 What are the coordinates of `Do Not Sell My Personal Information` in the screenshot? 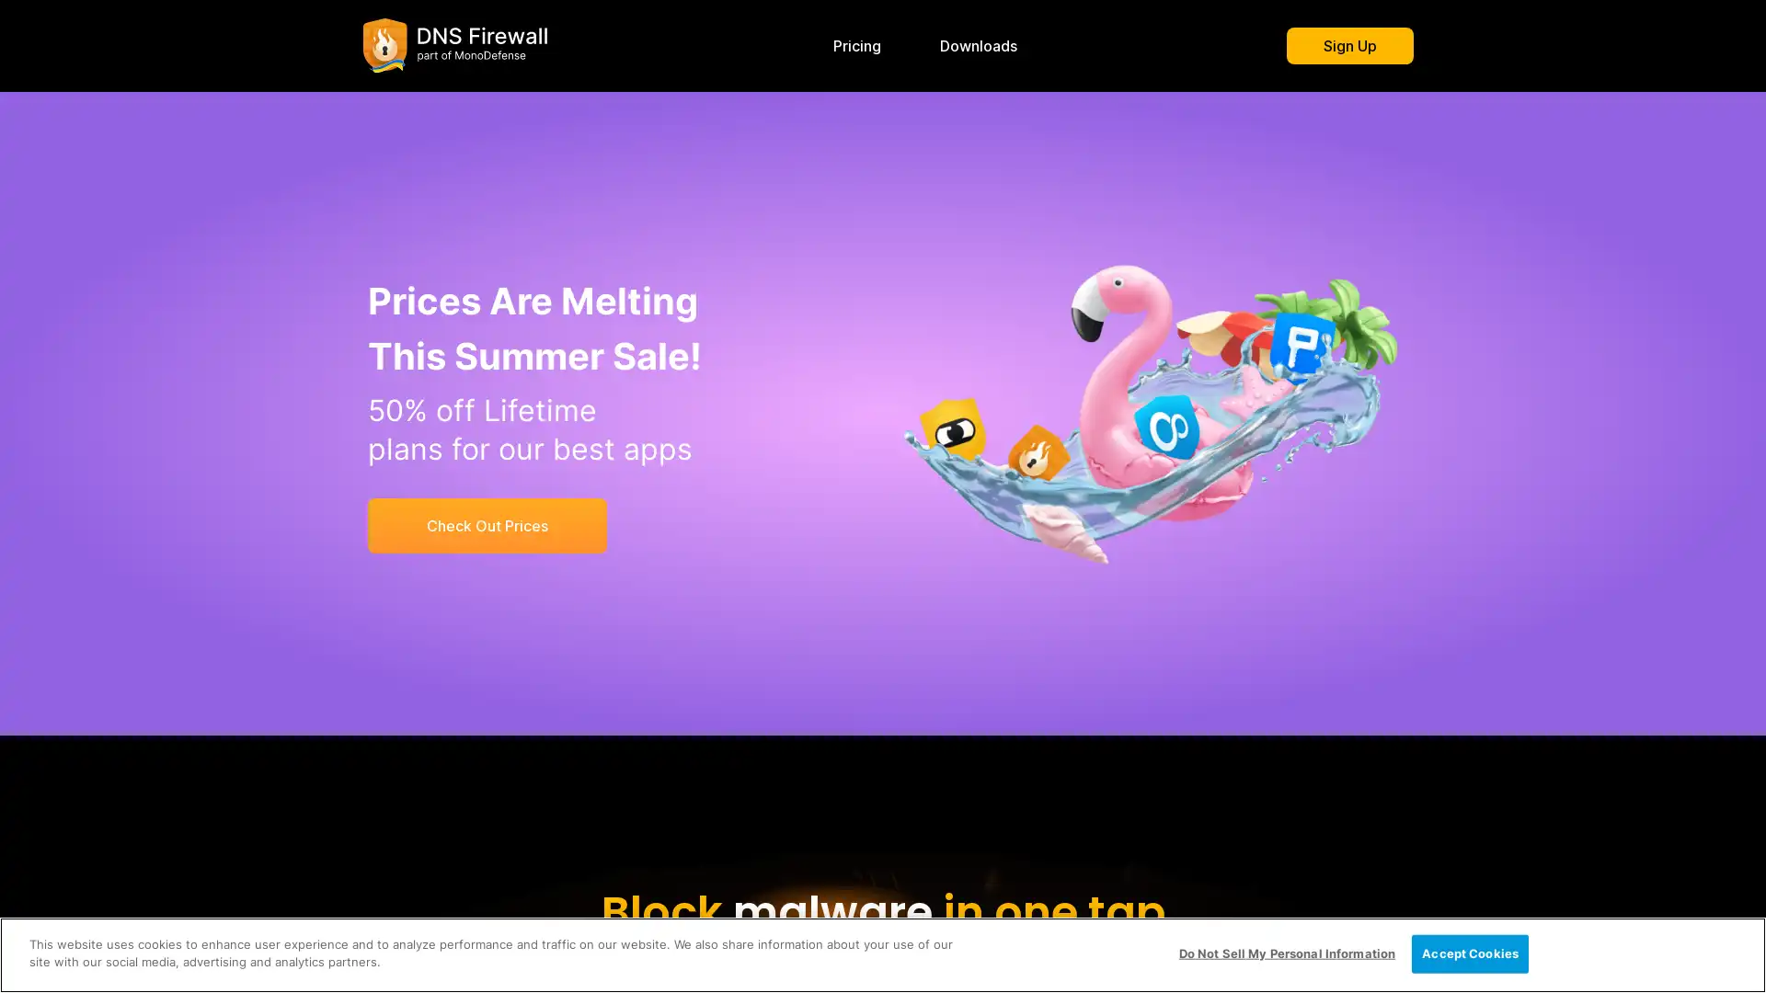 It's located at (1285, 953).